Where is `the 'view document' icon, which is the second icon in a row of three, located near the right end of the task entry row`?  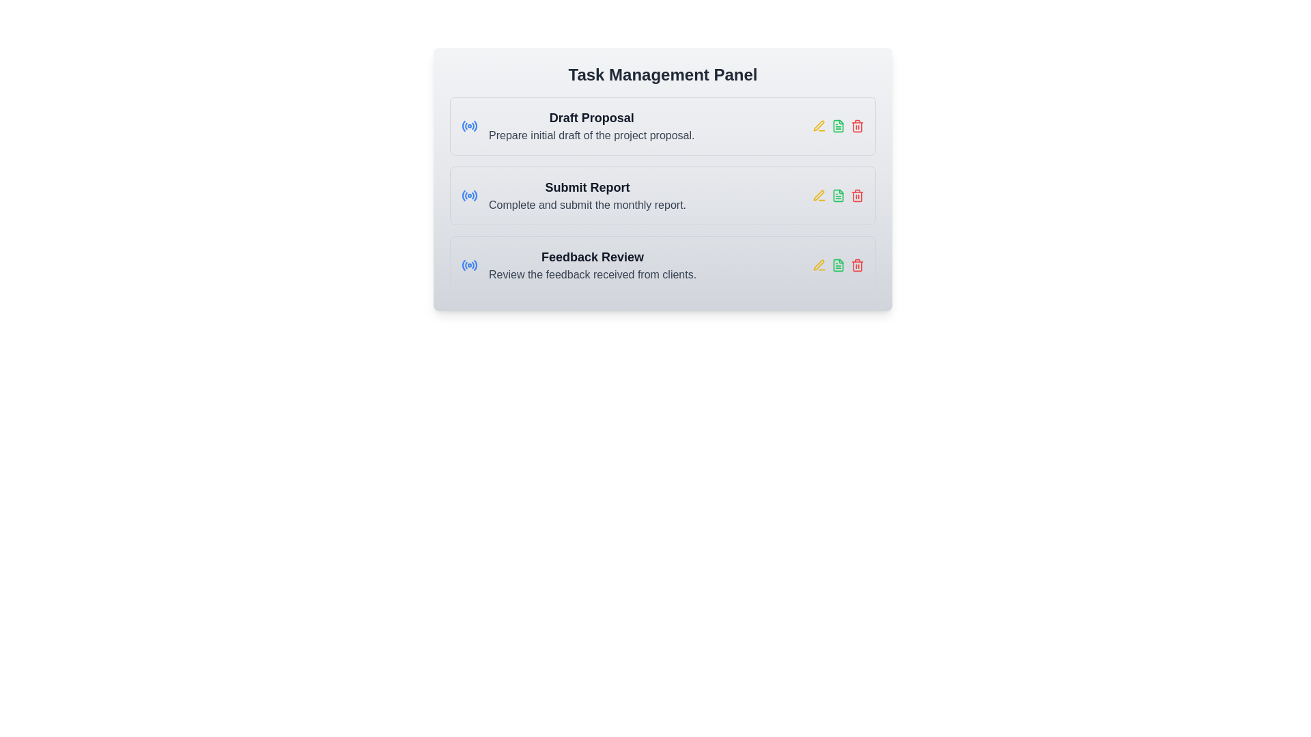
the 'view document' icon, which is the second icon in a row of three, located near the right end of the task entry row is located at coordinates (838, 126).